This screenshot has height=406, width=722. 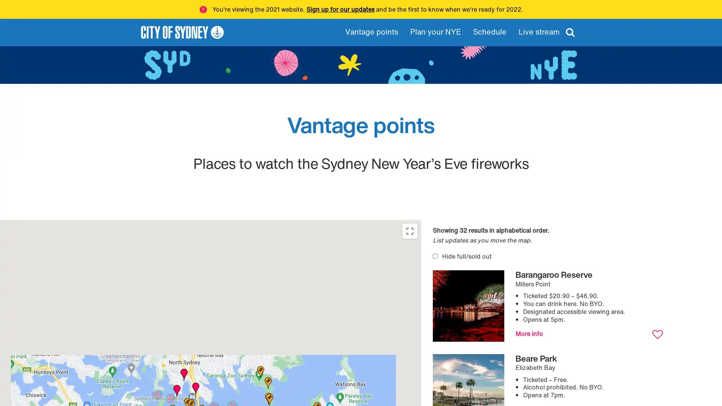 I want to click on Favourites, so click(x=547, y=215).